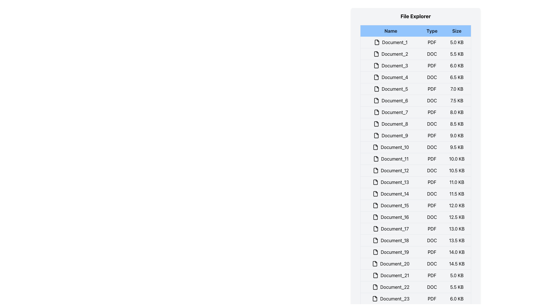  I want to click on the gray document outline icon located to the left of the filename 'Document_1' in the file list interface, so click(377, 42).